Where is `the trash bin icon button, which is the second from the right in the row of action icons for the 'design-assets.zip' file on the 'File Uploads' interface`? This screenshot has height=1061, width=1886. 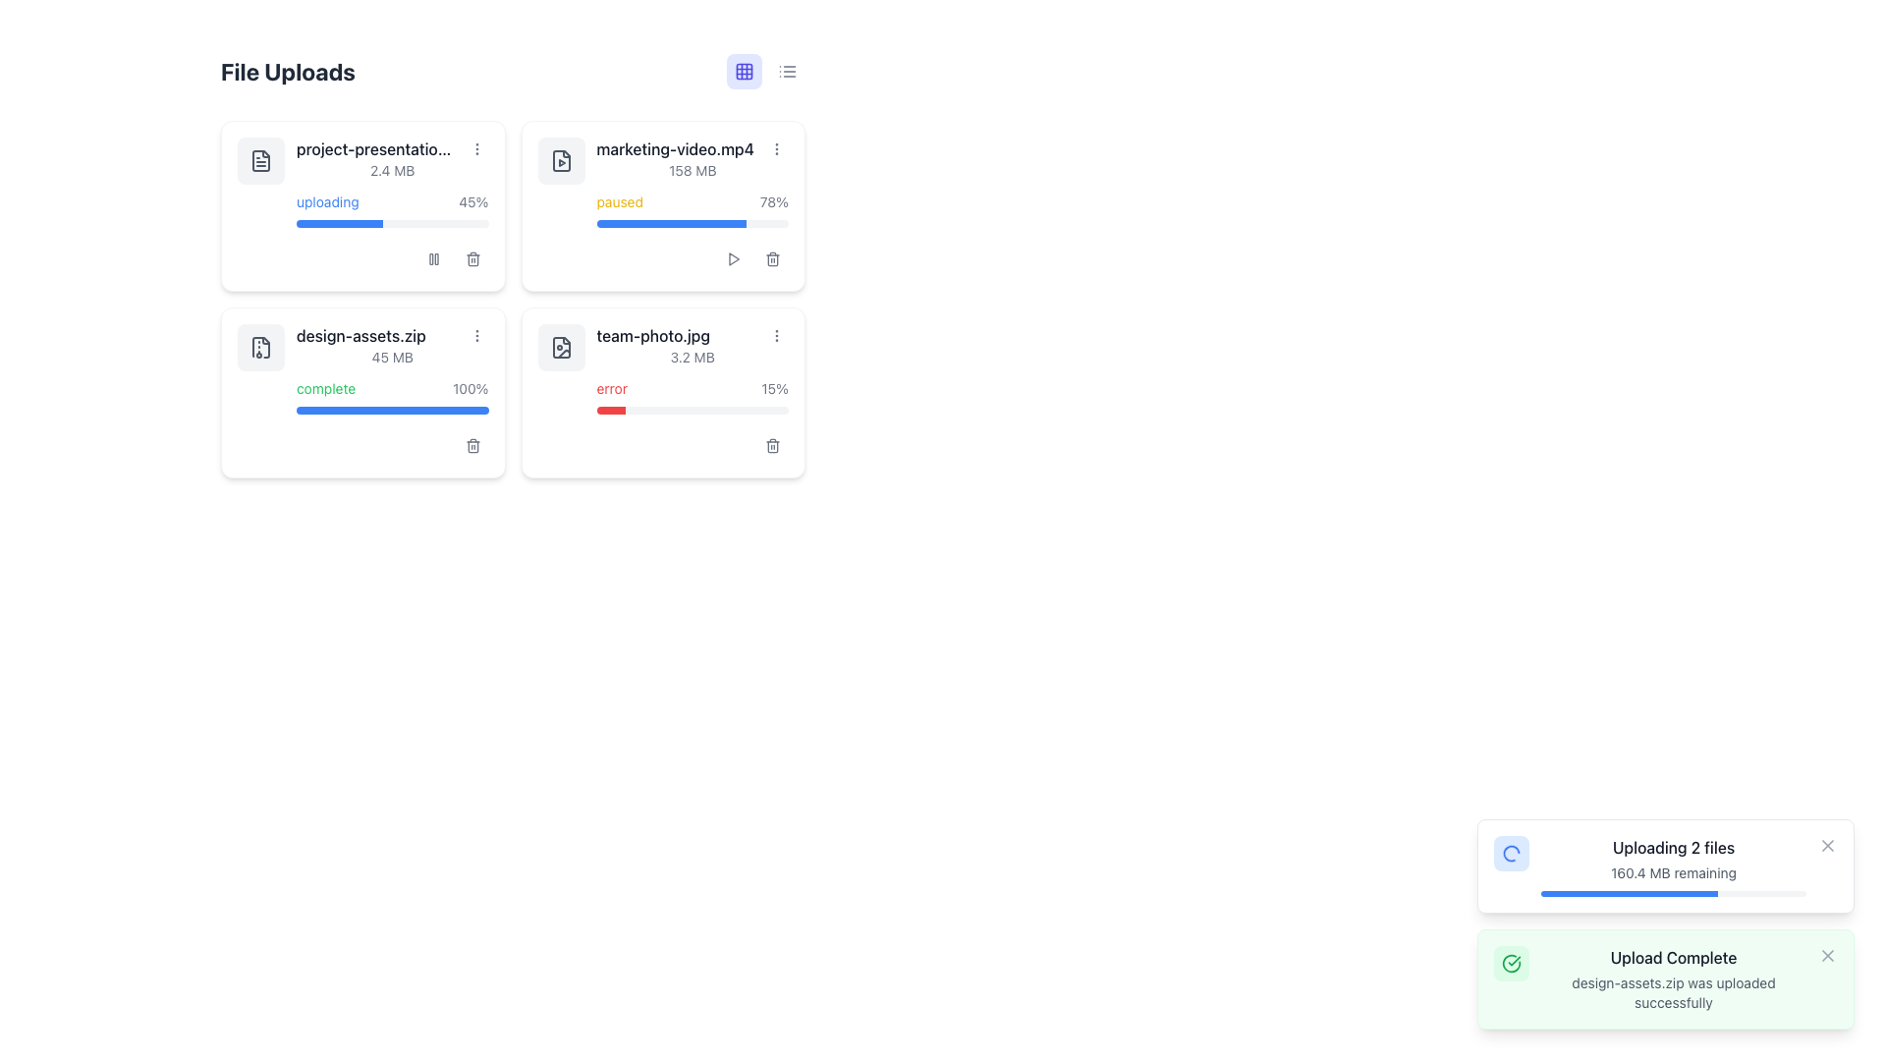
the trash bin icon button, which is the second from the right in the row of action icons for the 'design-assets.zip' file on the 'File Uploads' interface is located at coordinates (472, 446).